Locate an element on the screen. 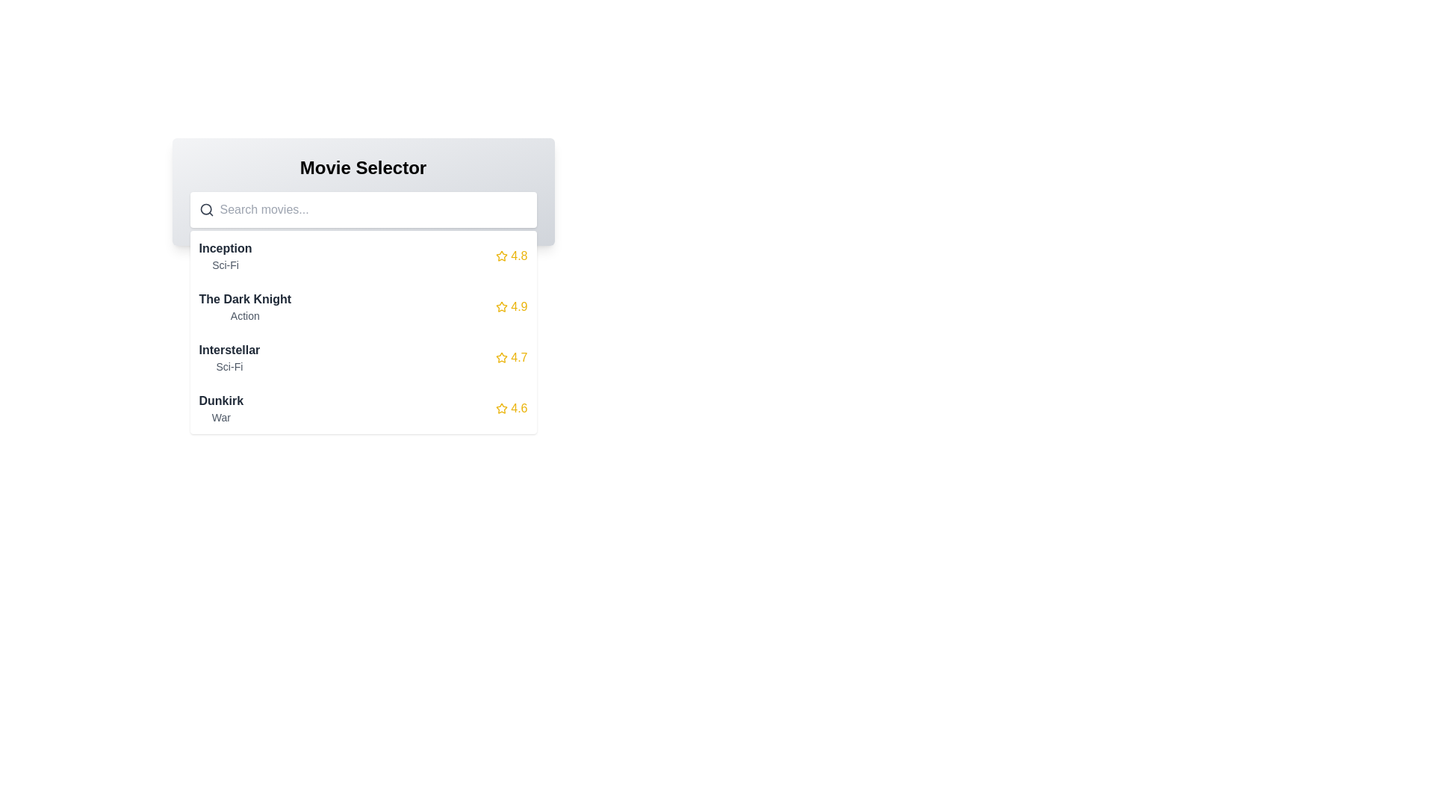 This screenshot has height=807, width=1434. the title of the first movie entry in the list, which is located in the leftmost column under the 'Movie Selector' title, above the 'Sci-Fi' text is located at coordinates (225, 247).